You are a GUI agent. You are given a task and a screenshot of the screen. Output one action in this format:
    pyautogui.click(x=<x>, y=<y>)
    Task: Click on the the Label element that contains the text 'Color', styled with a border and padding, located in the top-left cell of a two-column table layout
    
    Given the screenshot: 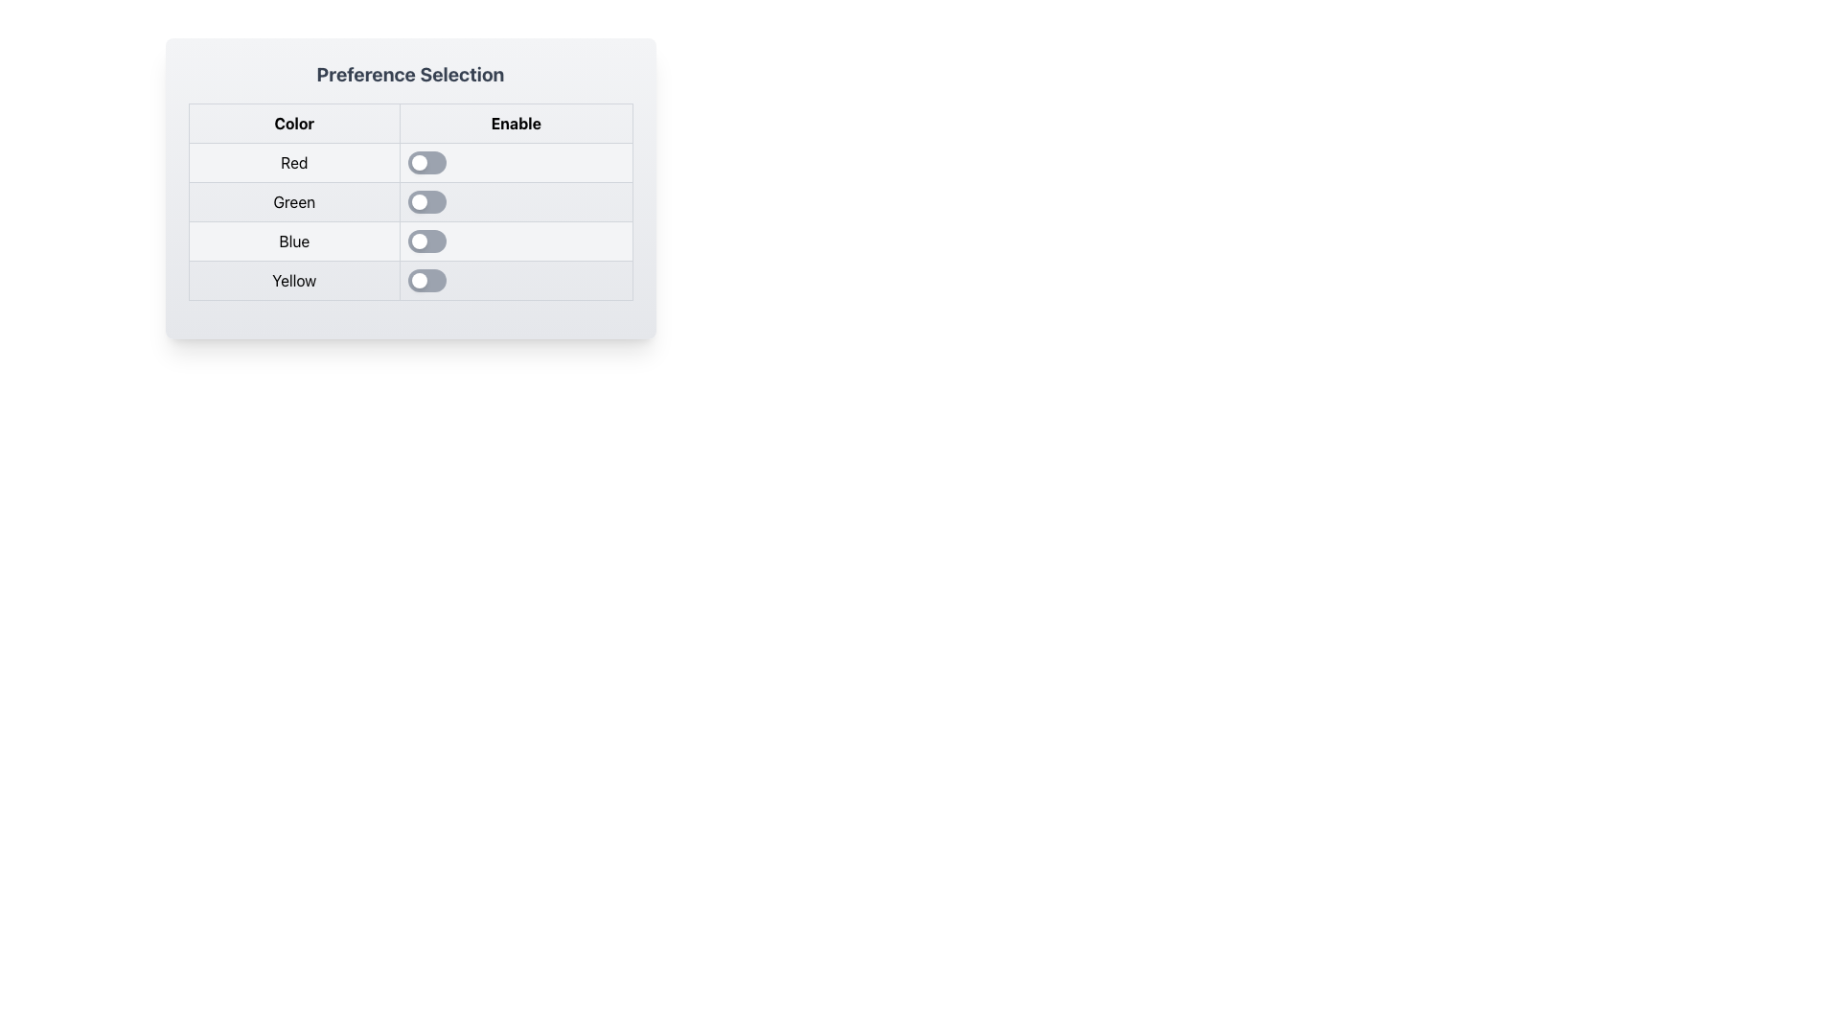 What is the action you would take?
    pyautogui.click(x=293, y=123)
    